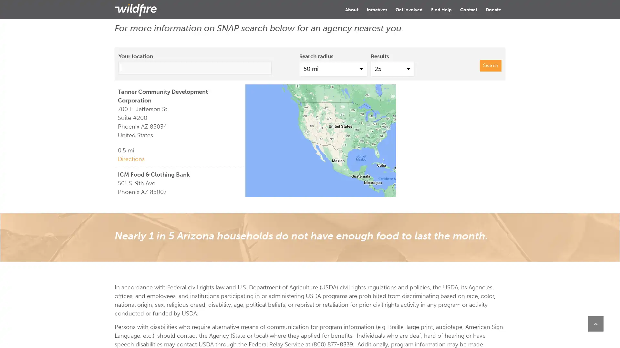  Describe the element at coordinates (255, 106) in the screenshot. I see `Zoom out` at that location.